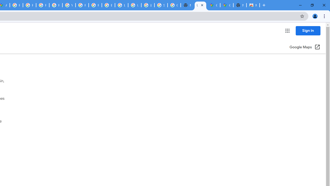 This screenshot has height=186, width=330. I want to click on 'YouTube', so click(69, 5).